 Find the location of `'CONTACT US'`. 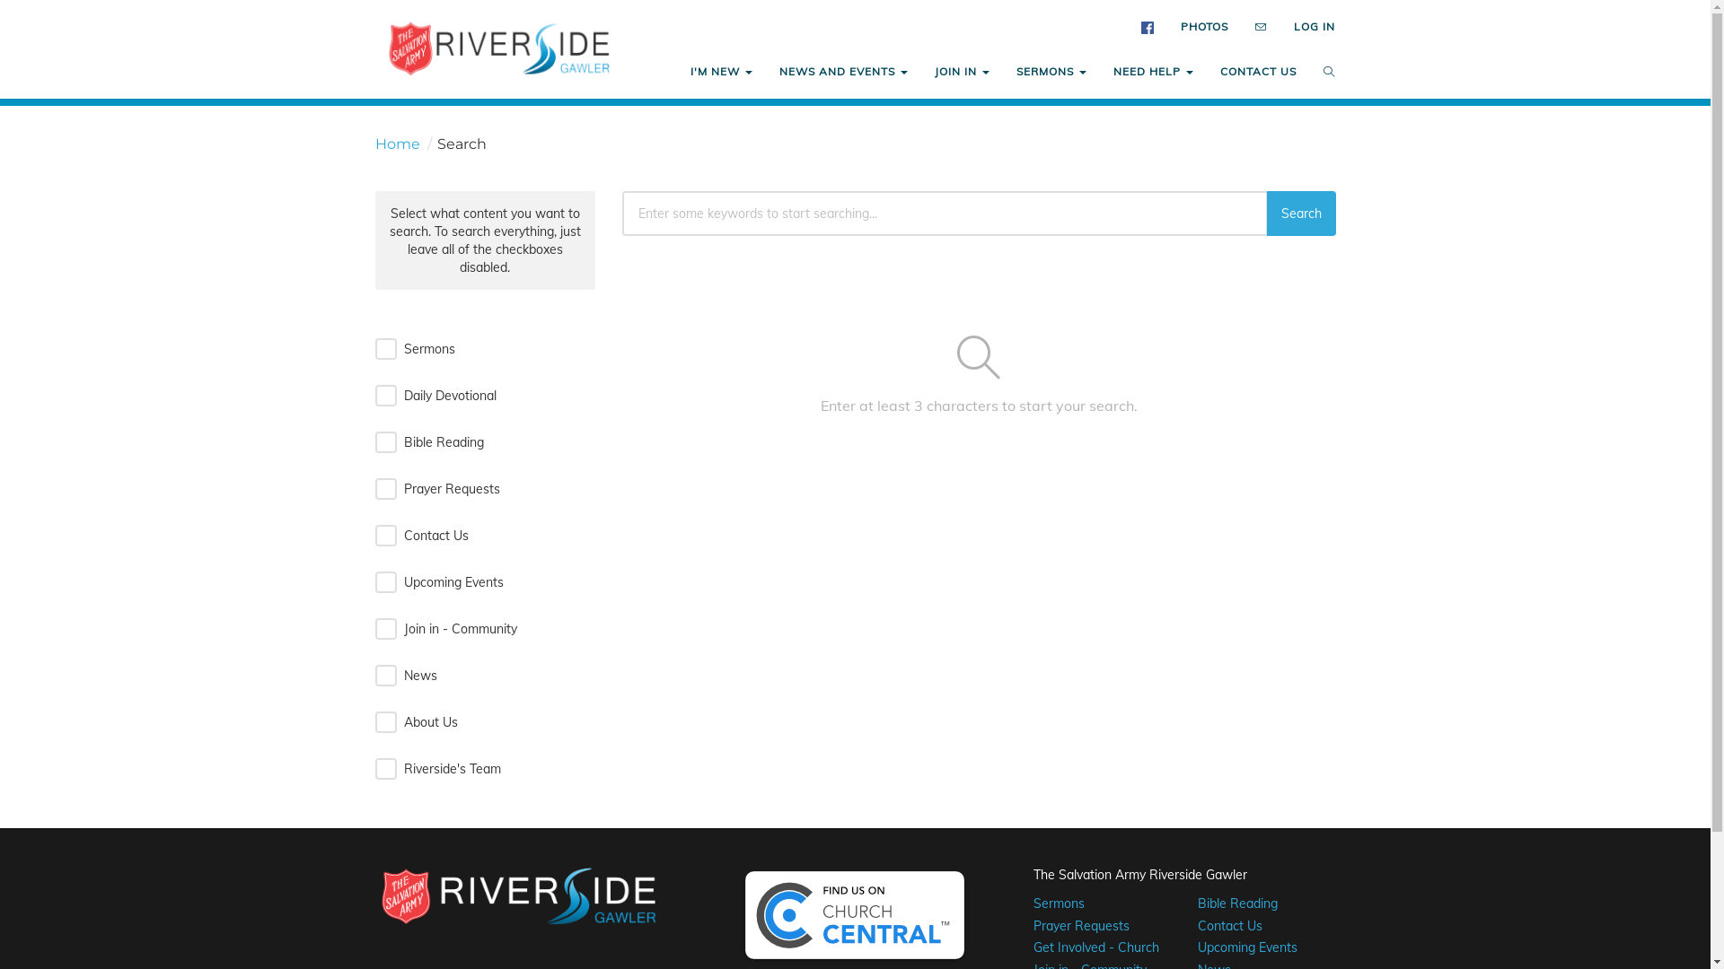

'CONTACT US' is located at coordinates (1257, 71).